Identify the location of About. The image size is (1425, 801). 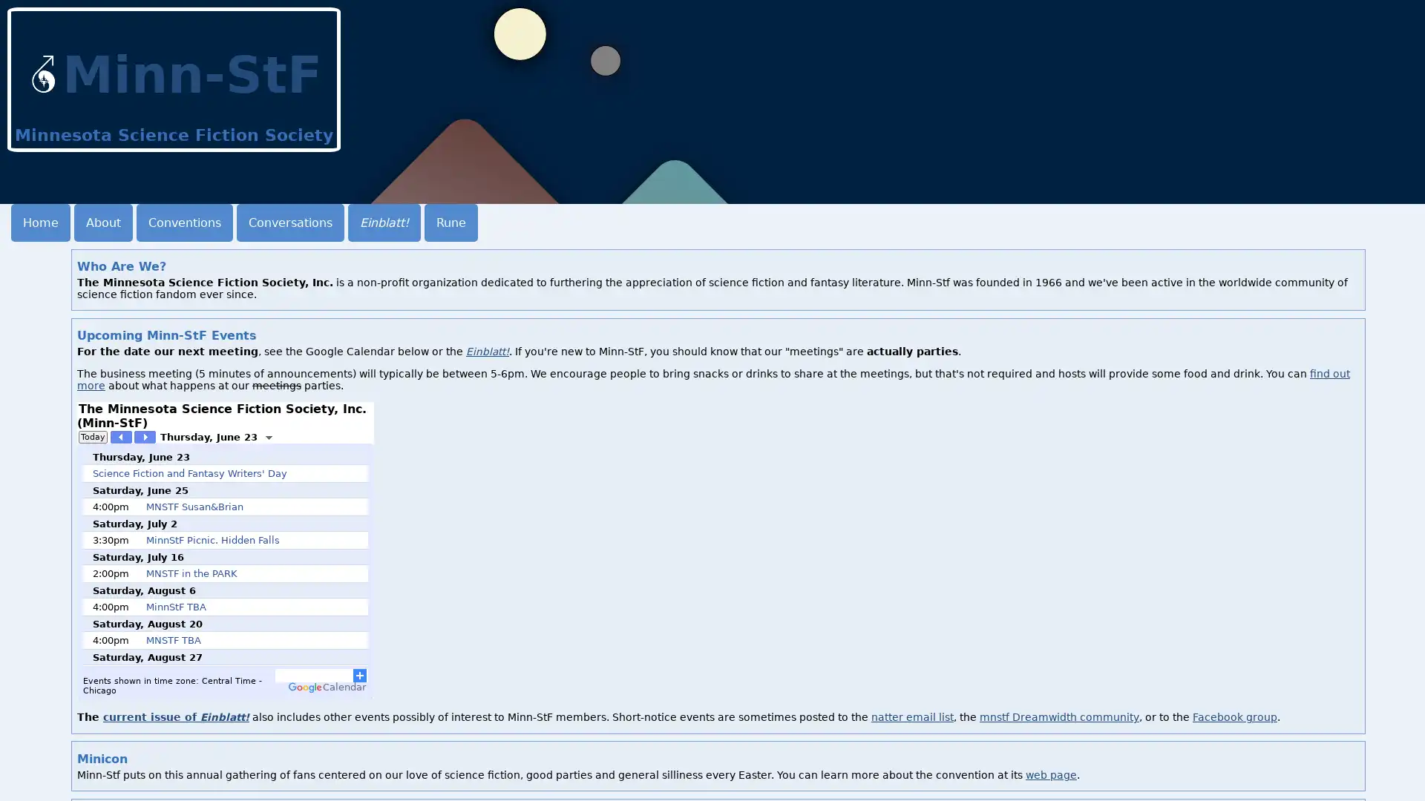
(102, 222).